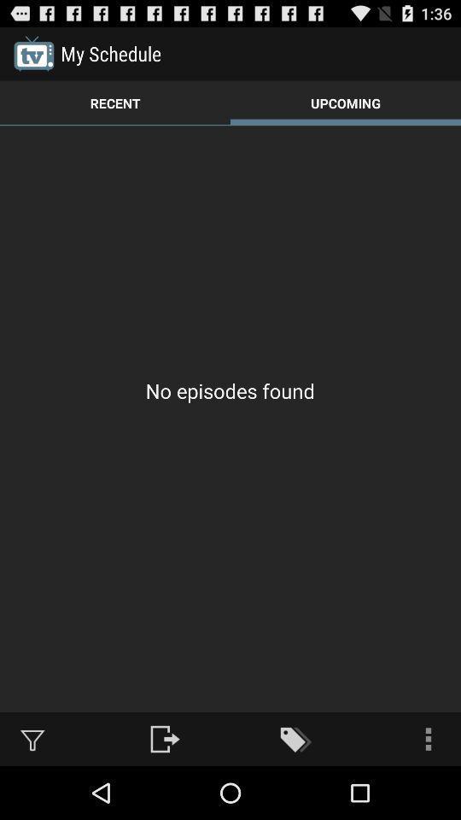 Image resolution: width=461 pixels, height=820 pixels. I want to click on recent item, so click(115, 102).